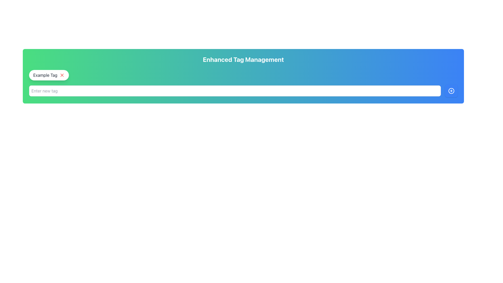 This screenshot has width=503, height=283. What do you see at coordinates (451, 91) in the screenshot?
I see `the Circle graphic within the SVG icon located at the right end of the horizontal input field` at bounding box center [451, 91].